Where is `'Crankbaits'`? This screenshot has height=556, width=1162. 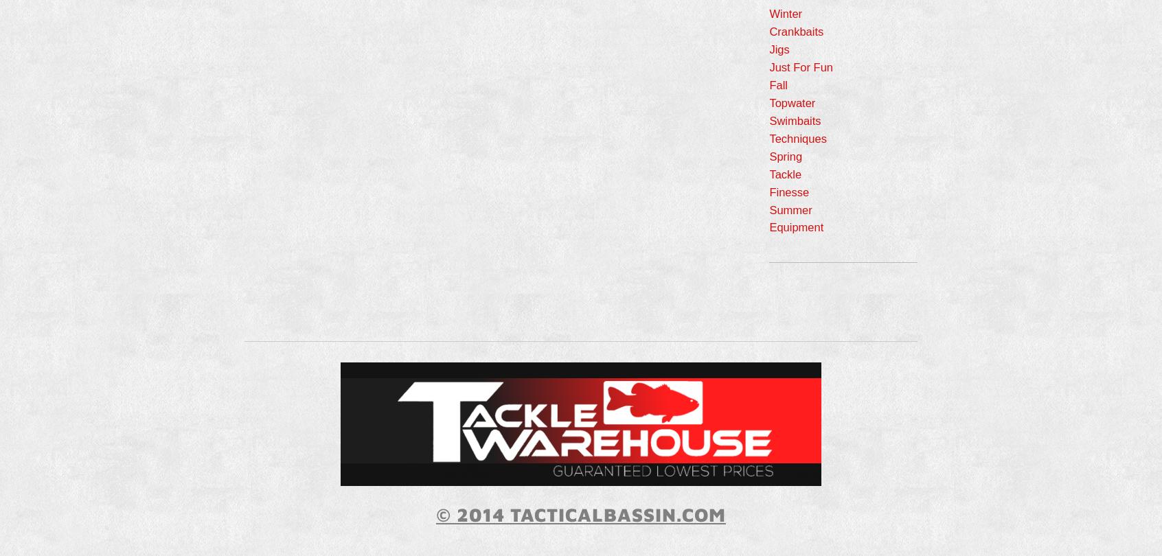
'Crankbaits' is located at coordinates (795, 32).